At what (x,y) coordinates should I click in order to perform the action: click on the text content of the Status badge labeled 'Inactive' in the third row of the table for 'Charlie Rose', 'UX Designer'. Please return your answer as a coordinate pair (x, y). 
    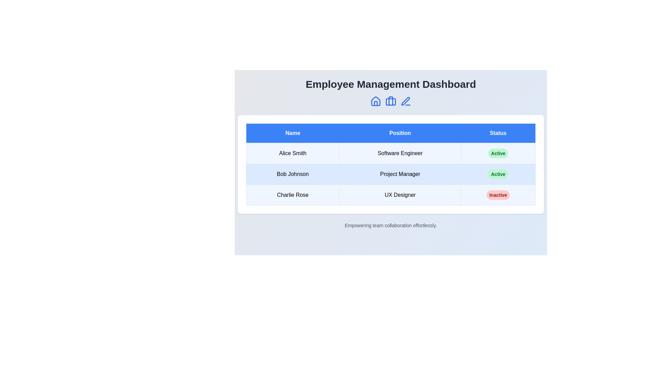
    Looking at the image, I should click on (498, 195).